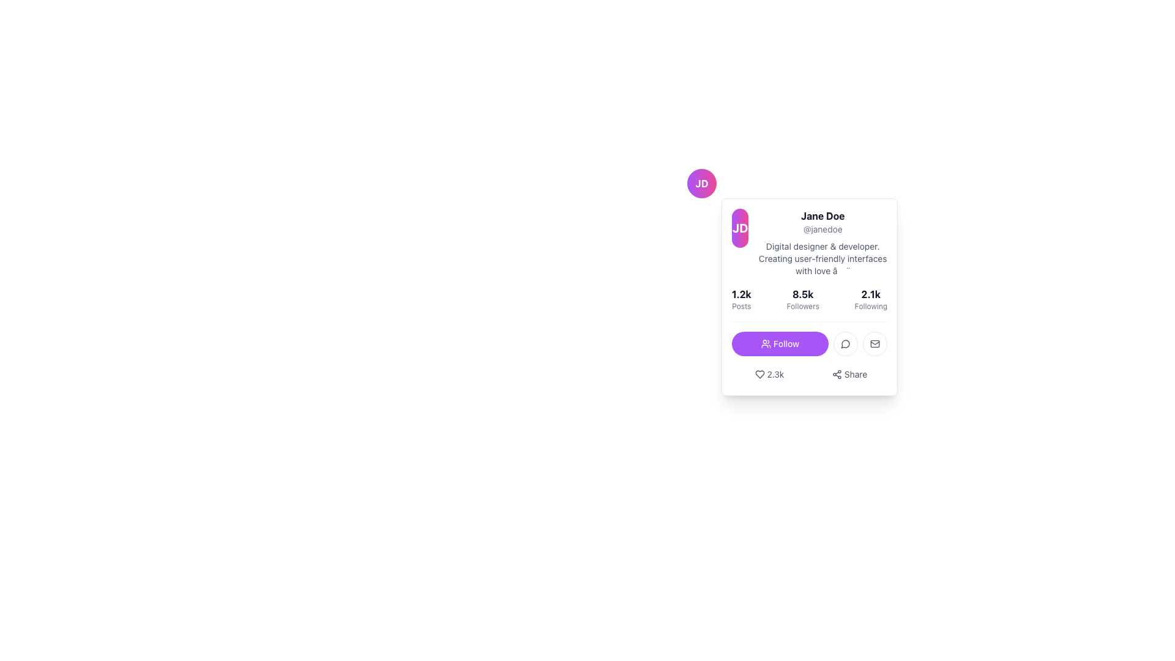  I want to click on the like button which features a heart icon and the text '2.3k' to like or unlike the post, so click(769, 374).